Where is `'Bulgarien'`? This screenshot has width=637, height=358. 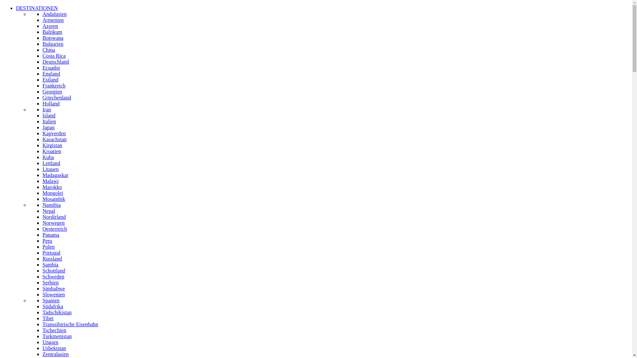
'Bulgarien' is located at coordinates (52, 44).